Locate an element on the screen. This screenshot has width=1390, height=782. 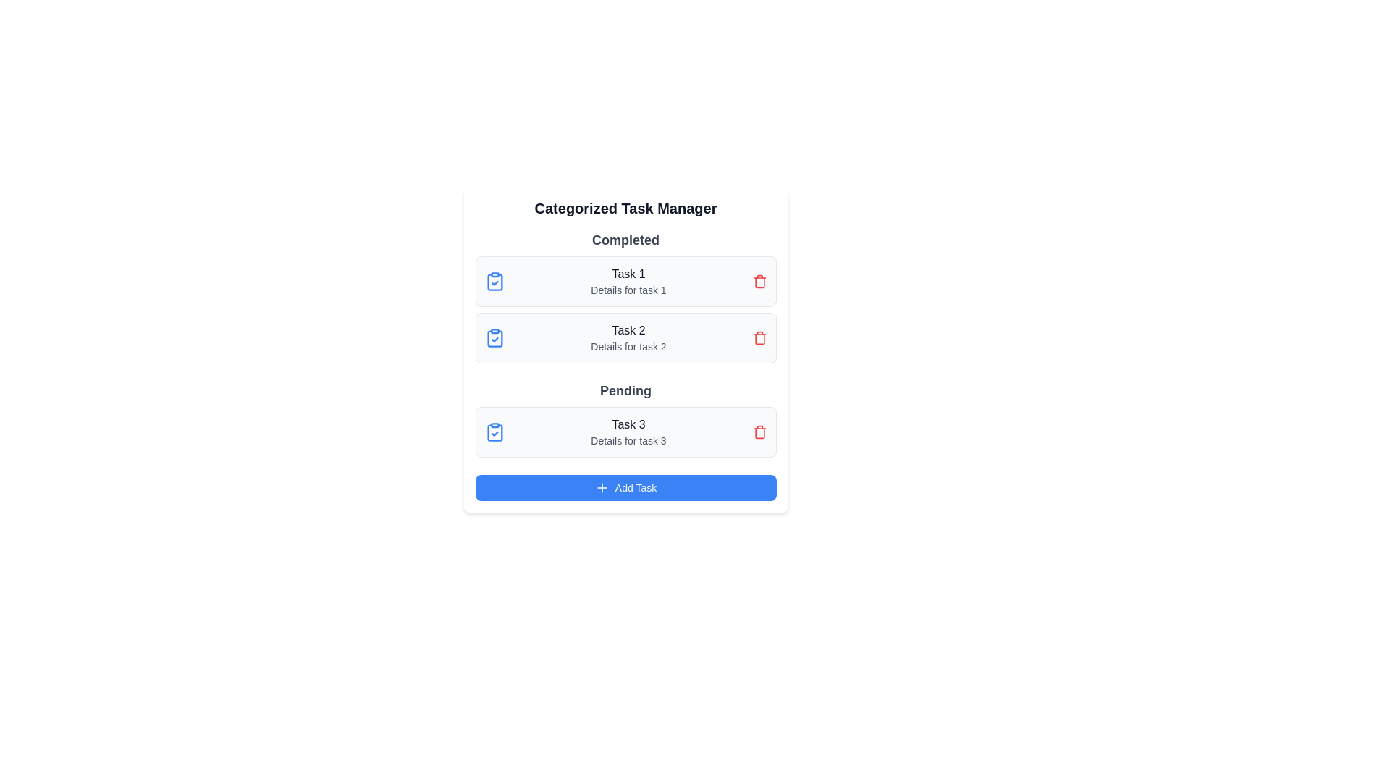
the delete icon next to Task 3 to remove it is located at coordinates (759, 432).